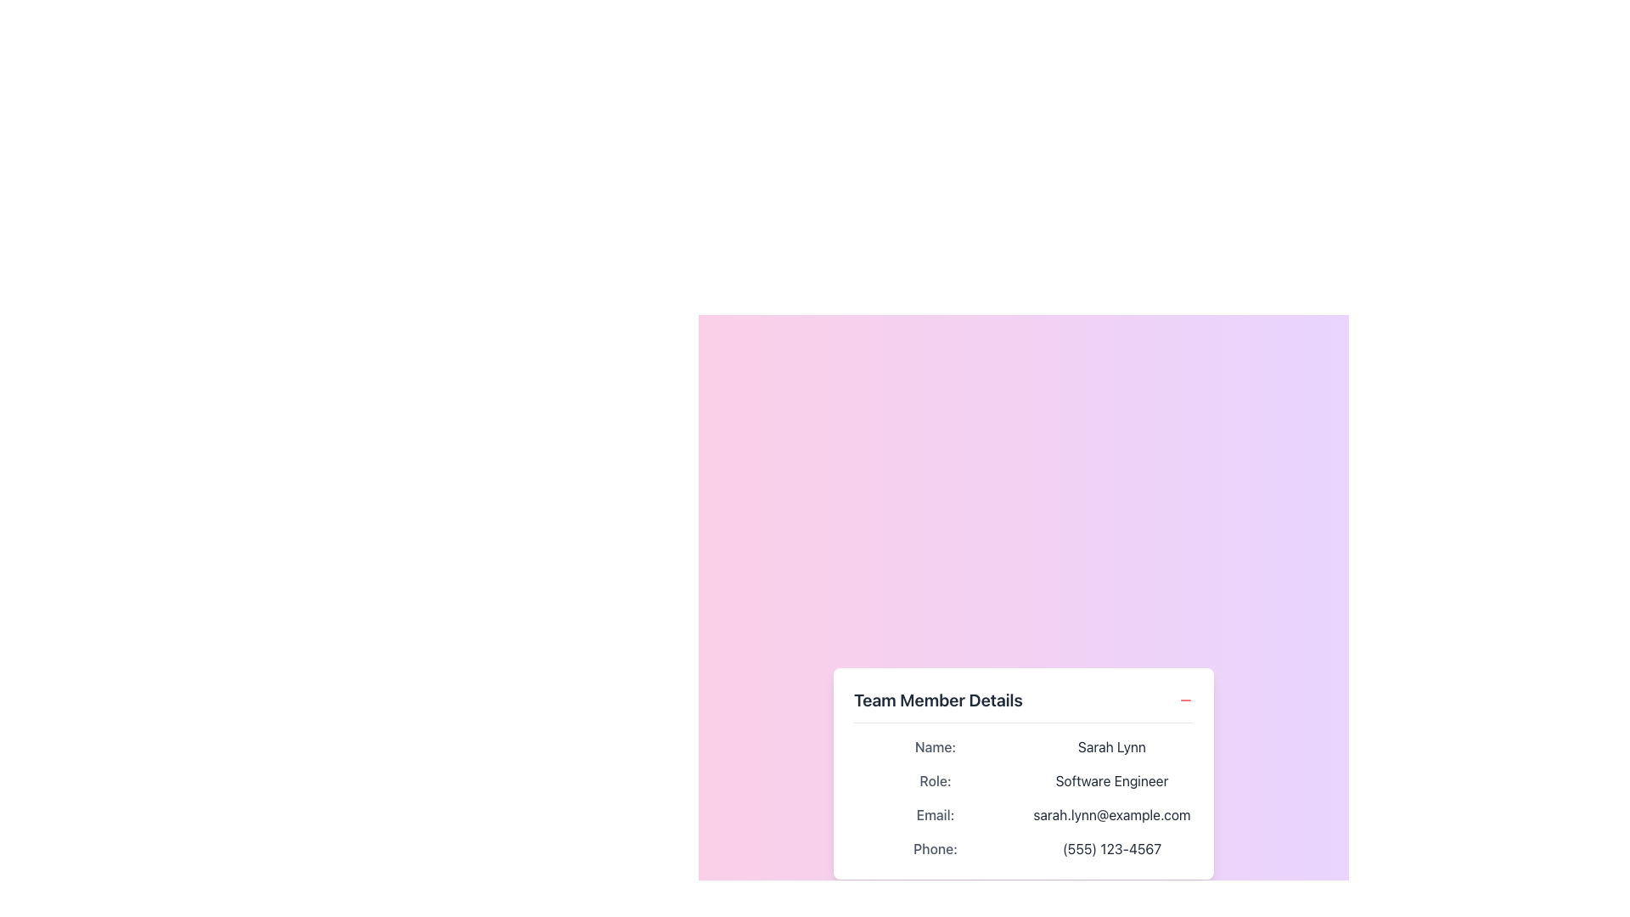  Describe the element at coordinates (1112, 848) in the screenshot. I see `the phone number display element located at the bottom-right corner of the contact information section, which follows the 'Phone:' label` at that location.